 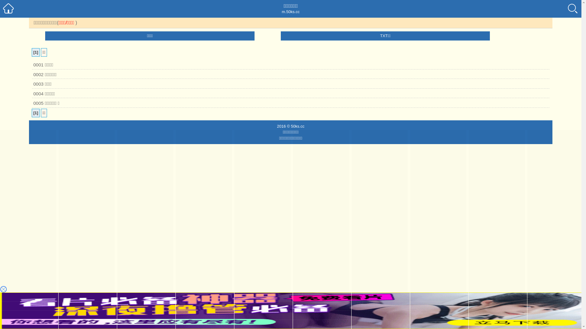 What do you see at coordinates (297, 126) in the screenshot?
I see `'50ks.cc'` at bounding box center [297, 126].